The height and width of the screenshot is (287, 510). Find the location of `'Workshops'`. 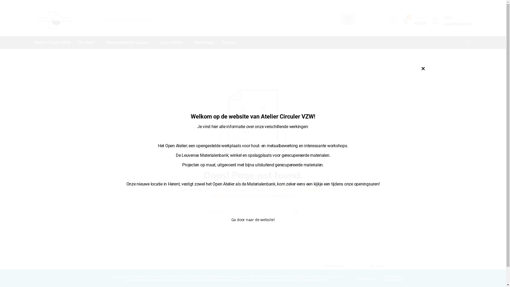

'Workshops' is located at coordinates (204, 42).